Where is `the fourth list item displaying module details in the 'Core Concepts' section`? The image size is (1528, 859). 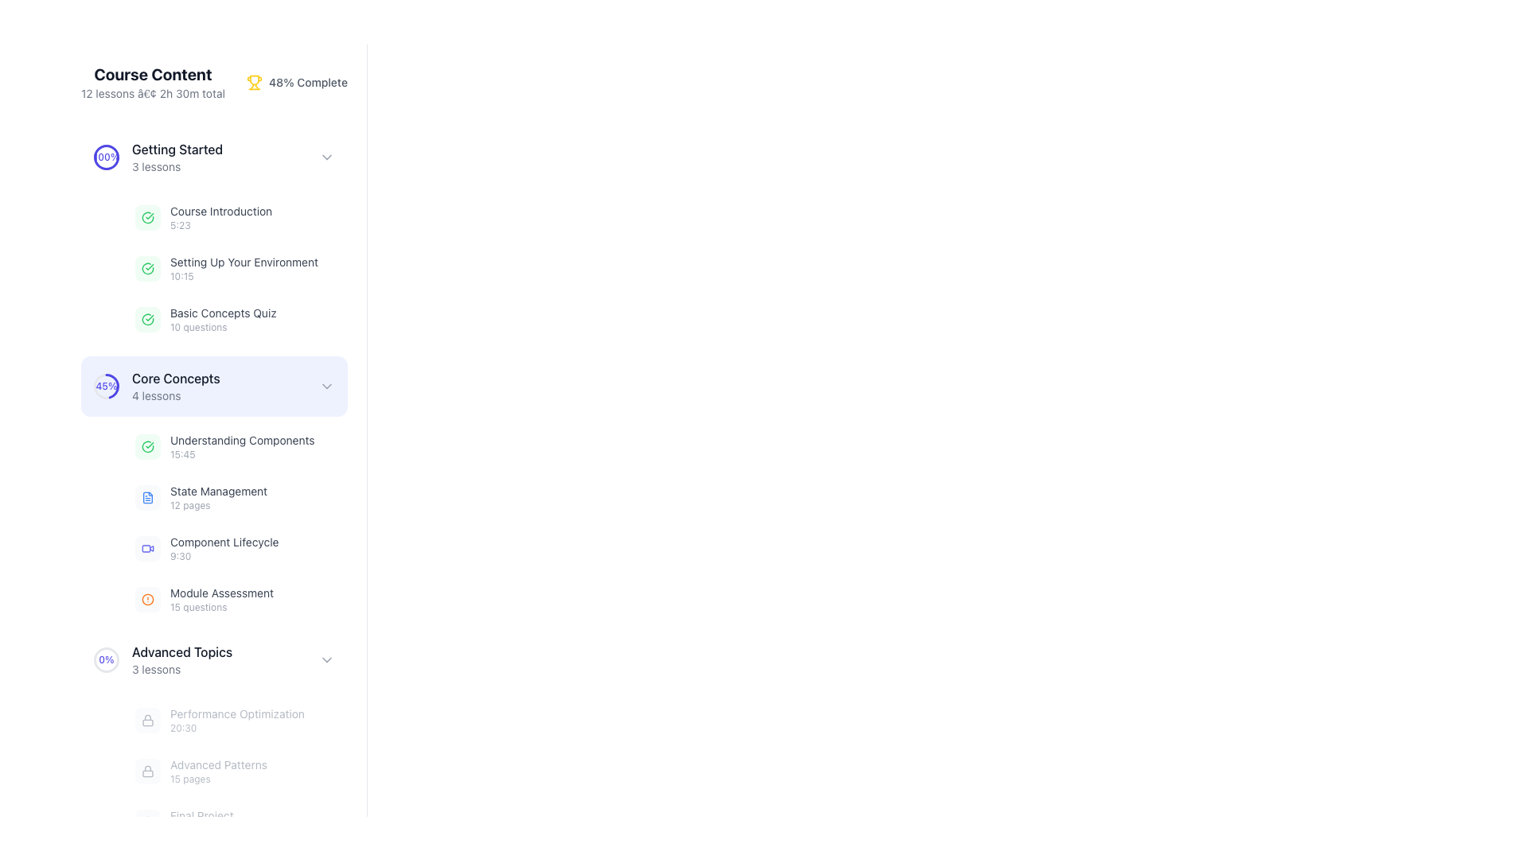
the fourth list item displaying module details in the 'Core Concepts' section is located at coordinates (203, 599).